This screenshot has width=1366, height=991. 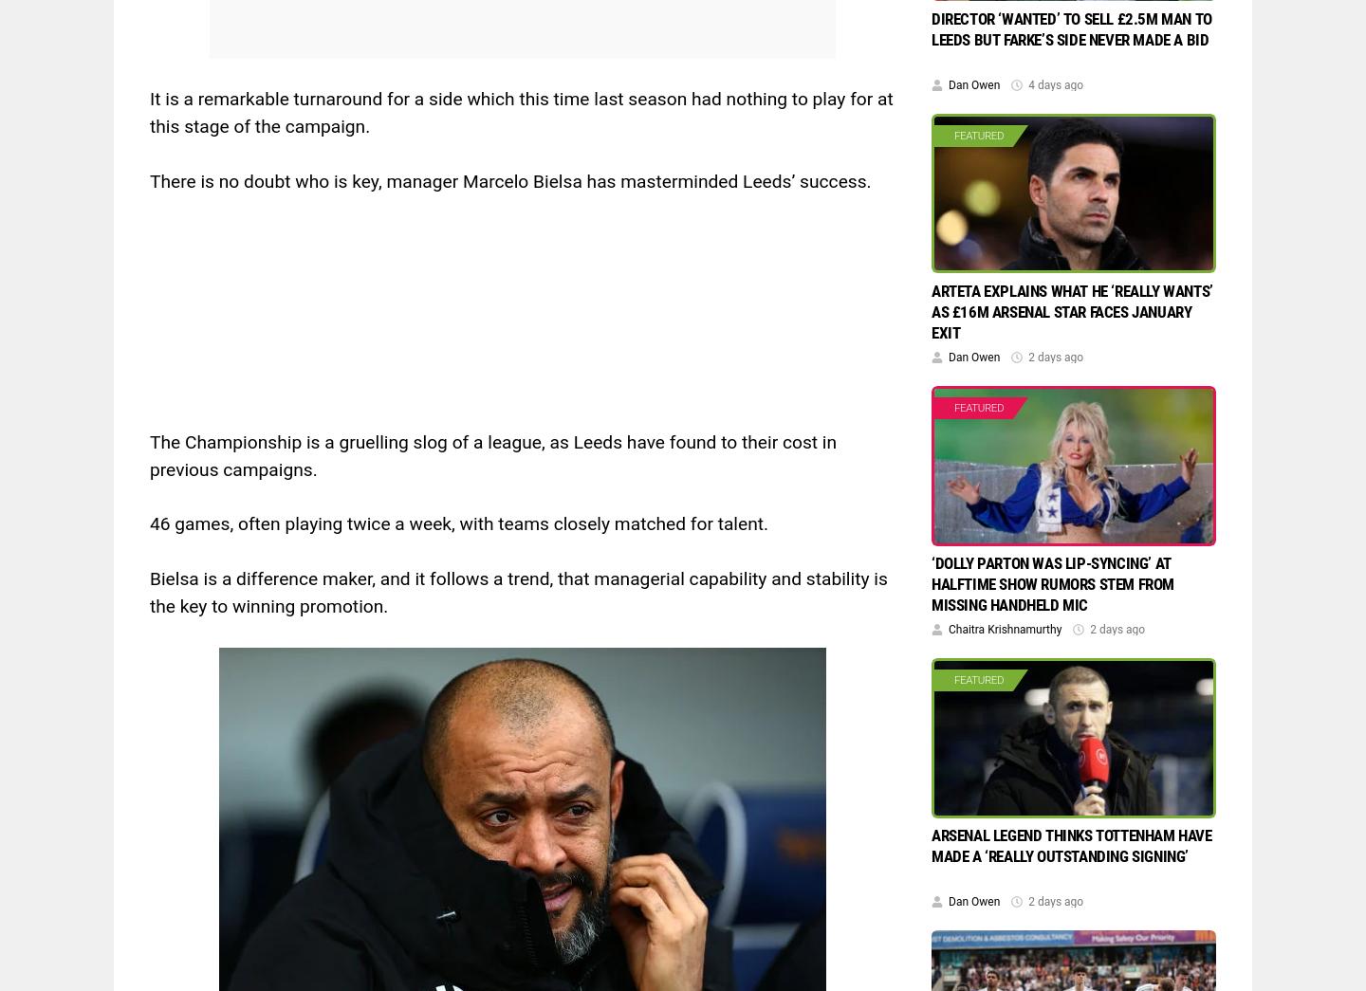 What do you see at coordinates (1070, 844) in the screenshot?
I see `'Arsenal legend thinks Tottenham have made a ‘really outstanding signing’'` at bounding box center [1070, 844].